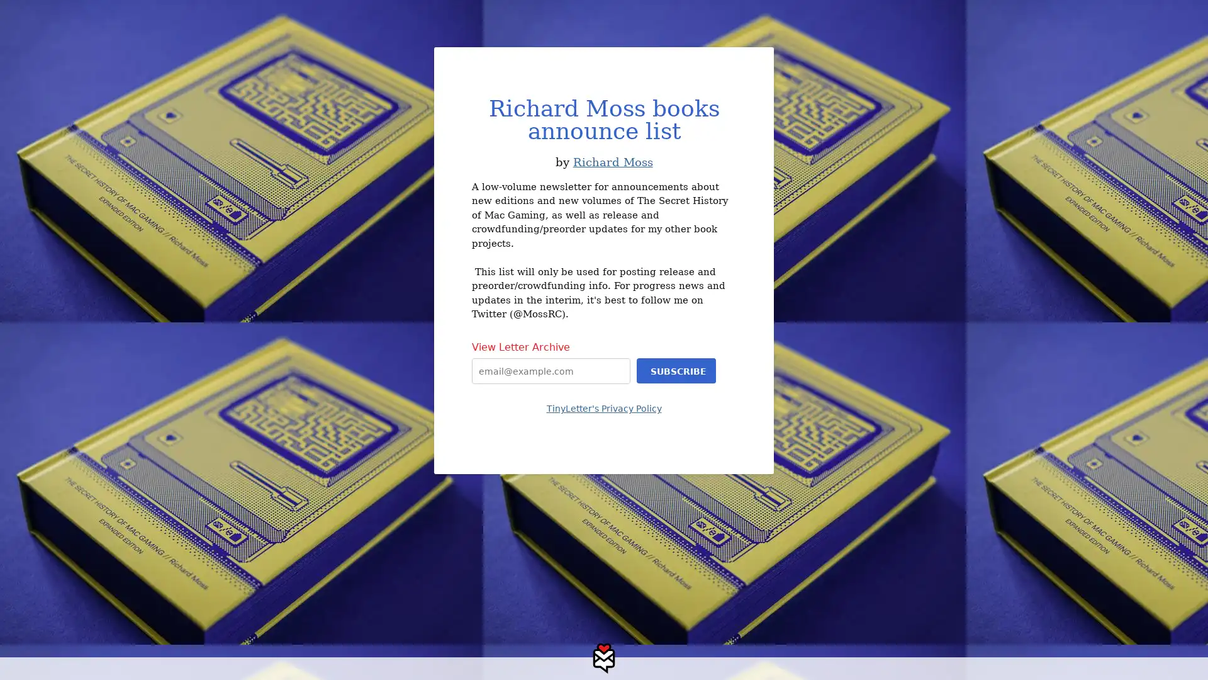  What do you see at coordinates (676, 370) in the screenshot?
I see `SUBSCRIBE` at bounding box center [676, 370].